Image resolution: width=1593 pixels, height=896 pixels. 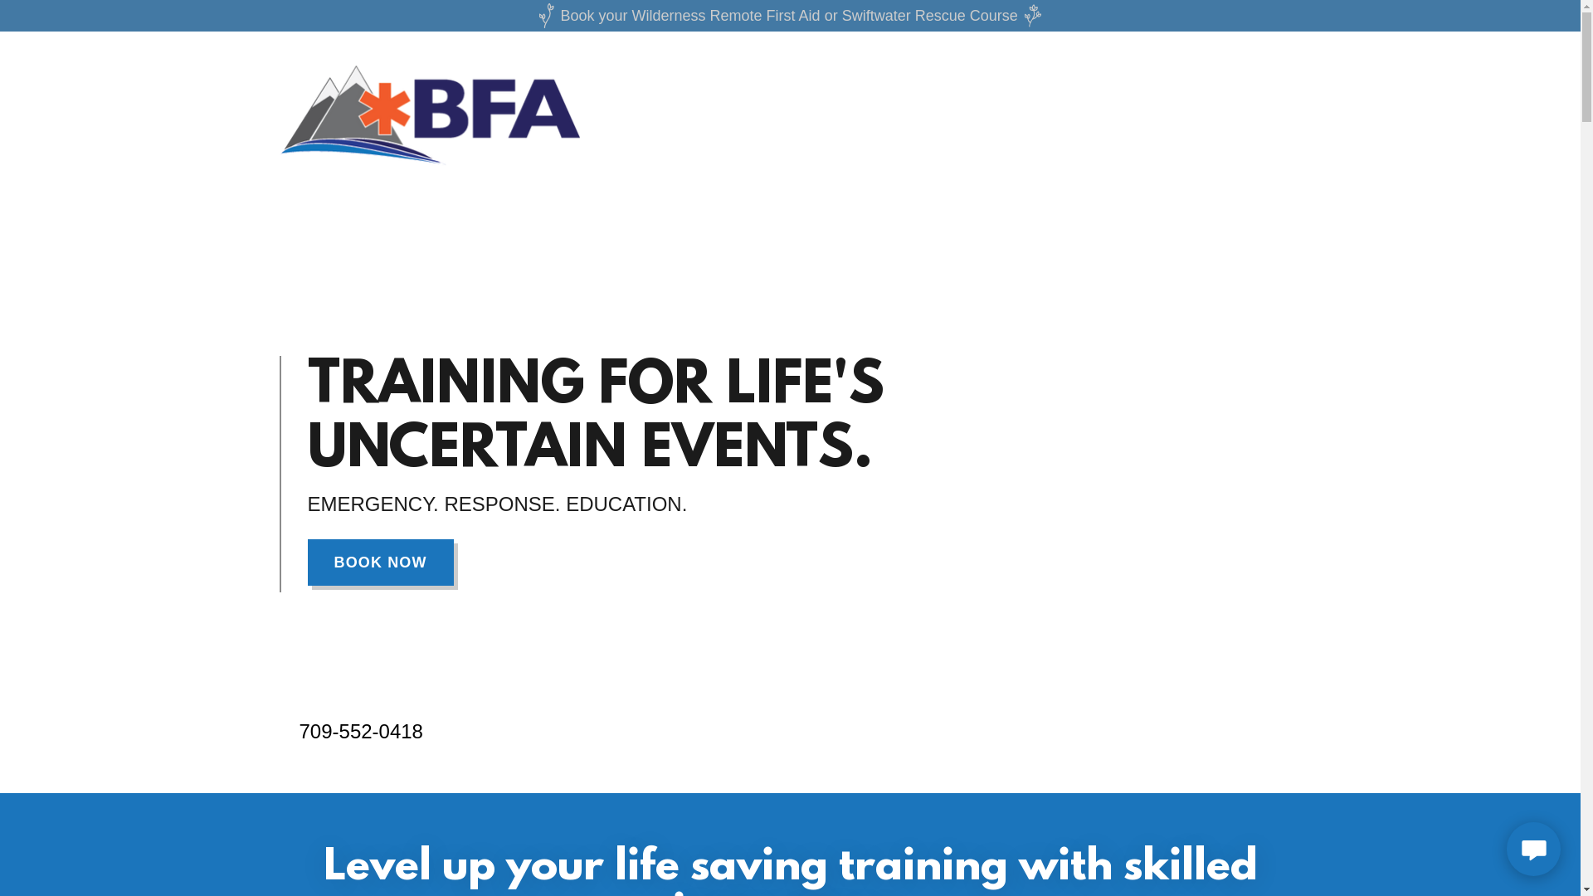 What do you see at coordinates (378, 562) in the screenshot?
I see `'BOOK NOW'` at bounding box center [378, 562].